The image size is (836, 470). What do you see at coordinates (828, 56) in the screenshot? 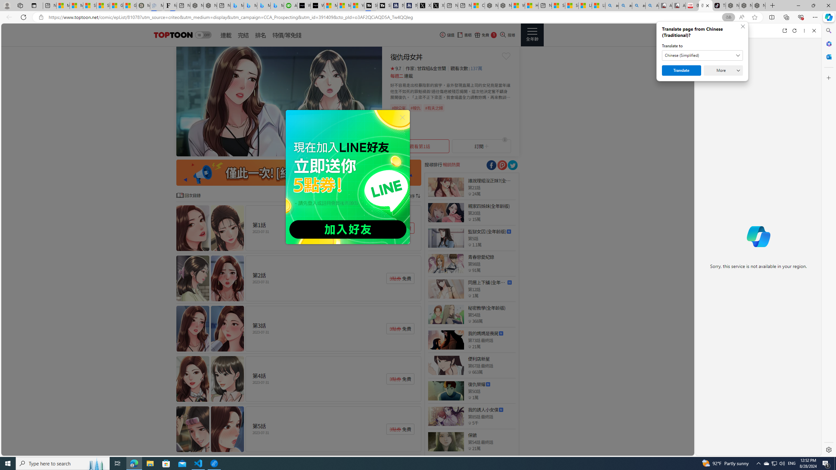
I see `'Outlook'` at bounding box center [828, 56].